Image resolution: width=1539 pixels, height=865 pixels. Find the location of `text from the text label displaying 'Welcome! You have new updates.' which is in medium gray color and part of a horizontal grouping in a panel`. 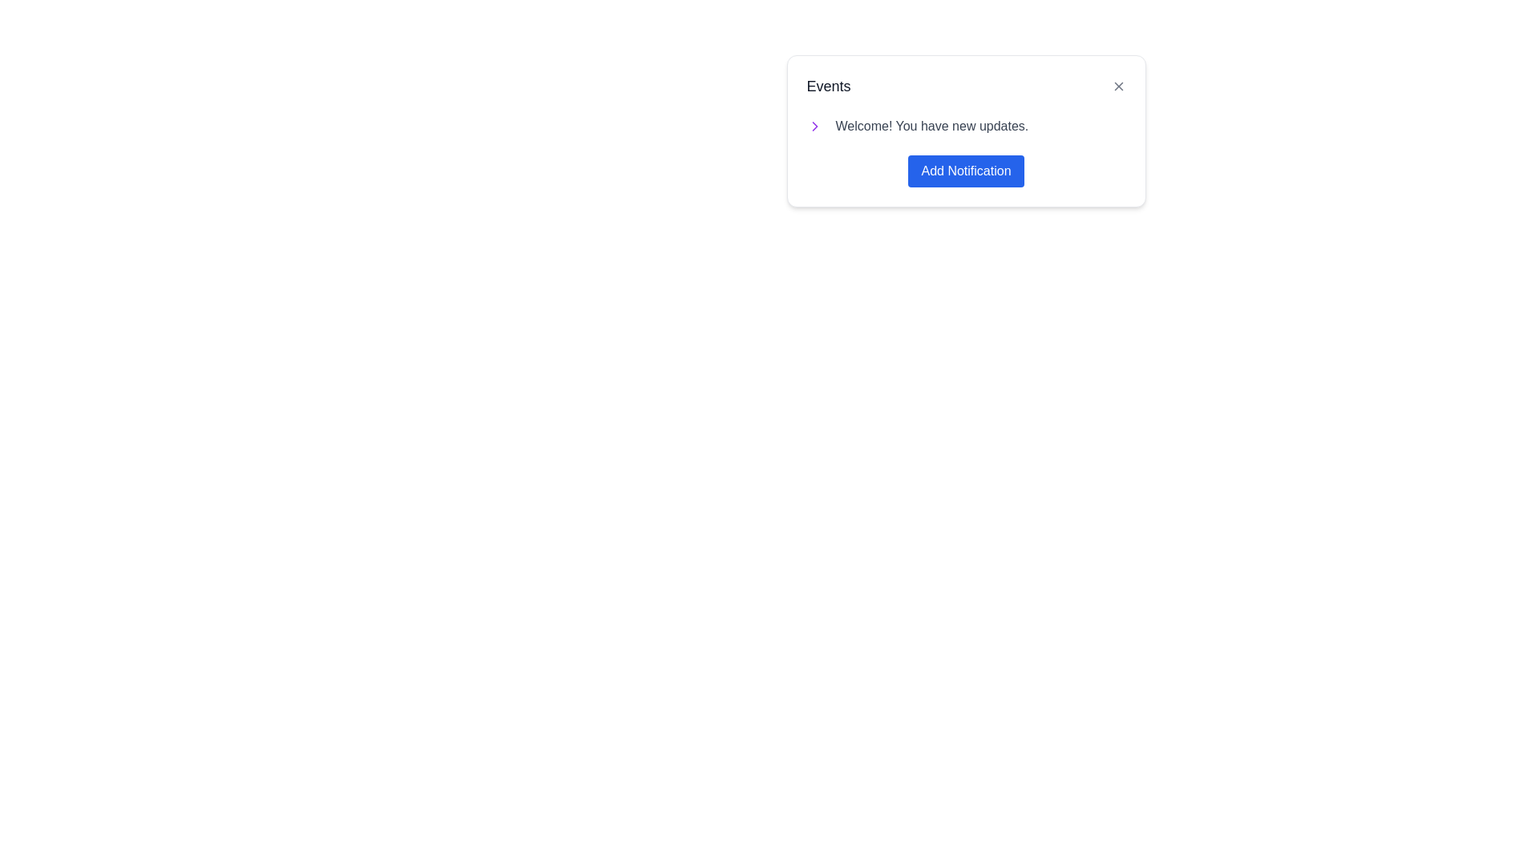

text from the text label displaying 'Welcome! You have new updates.' which is in medium gray color and part of a horizontal grouping in a panel is located at coordinates (931, 126).